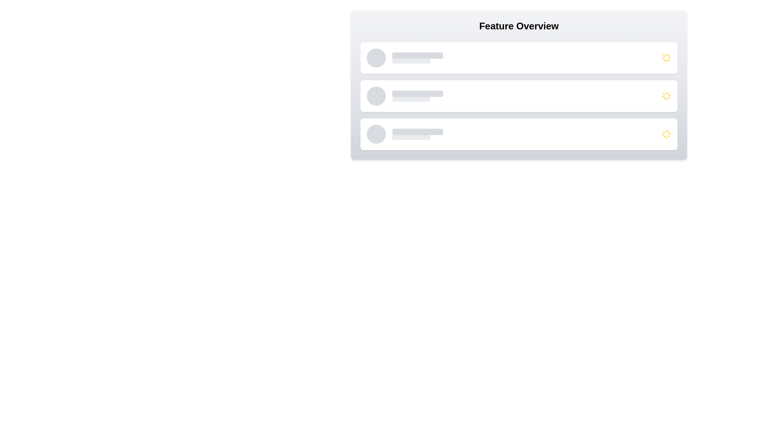 The width and height of the screenshot is (763, 429). Describe the element at coordinates (417, 55) in the screenshot. I see `the loading animation by hovering over the loading placeholder bar with rounded corners, styled in light gray, located in the header area of the first list item under the 'Feature Overview' heading` at that location.